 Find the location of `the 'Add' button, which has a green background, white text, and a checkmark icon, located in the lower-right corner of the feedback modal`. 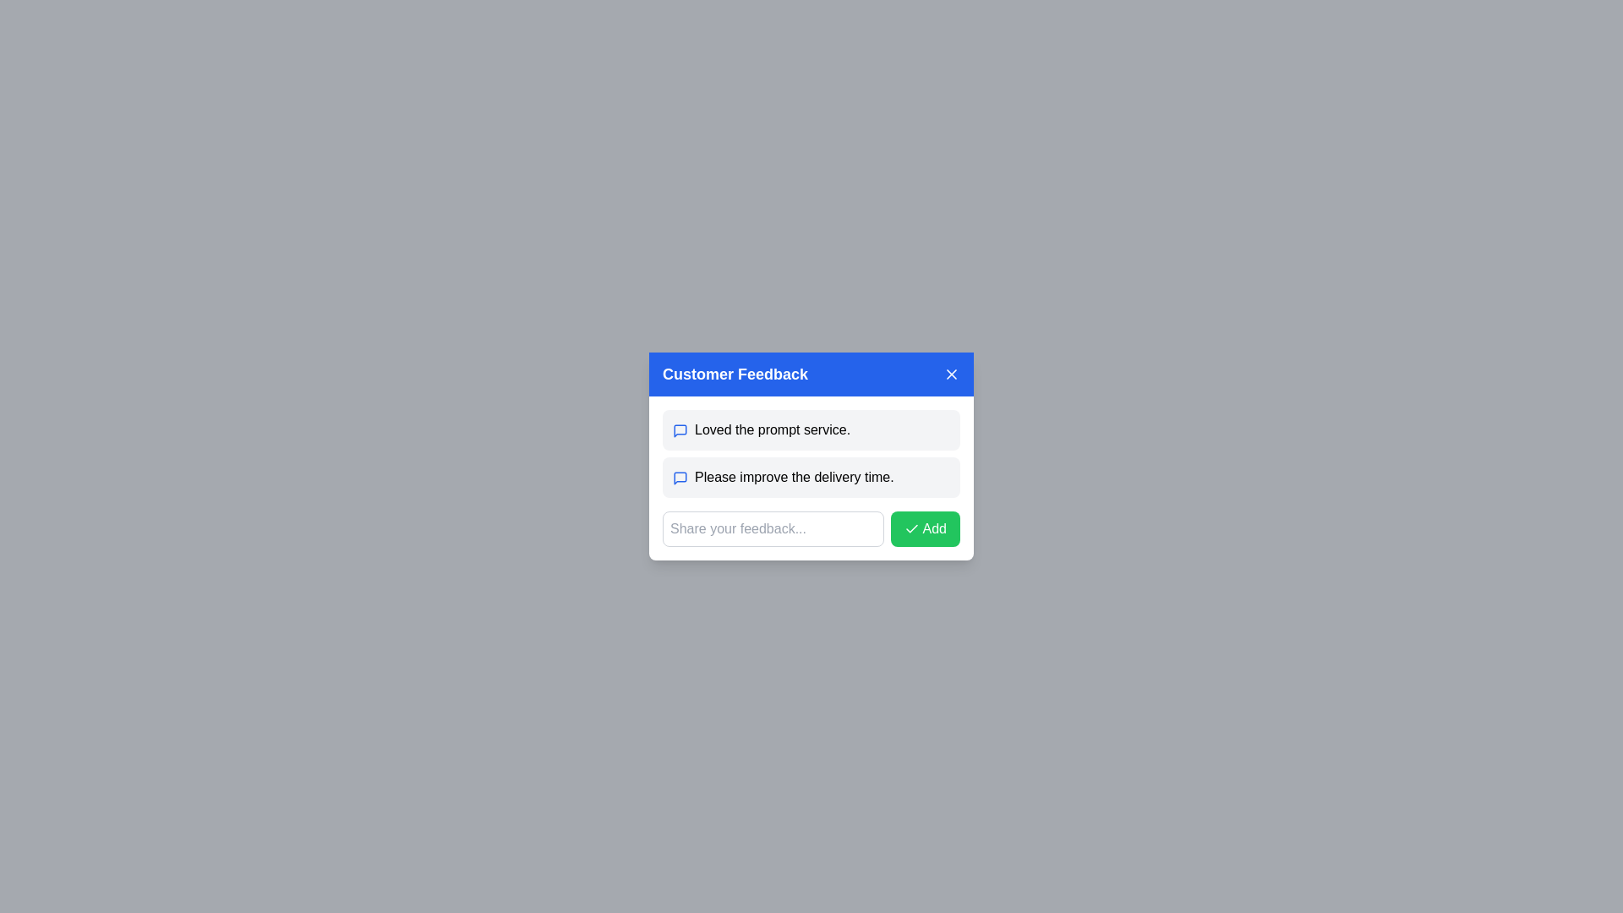

the 'Add' button, which has a green background, white text, and a checkmark icon, located in the lower-right corner of the feedback modal is located at coordinates (924, 528).